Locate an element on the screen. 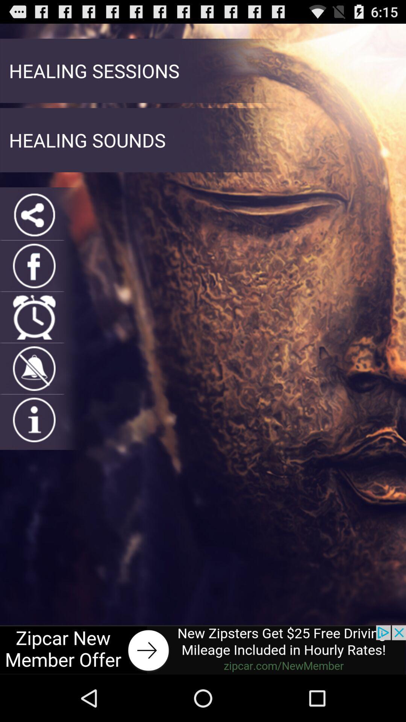 The image size is (406, 722). alarms is located at coordinates (34, 317).